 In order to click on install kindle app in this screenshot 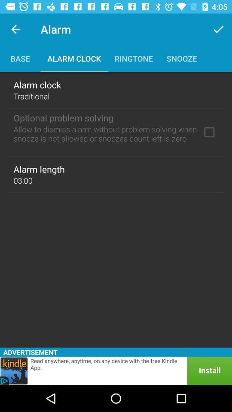, I will do `click(116, 370)`.